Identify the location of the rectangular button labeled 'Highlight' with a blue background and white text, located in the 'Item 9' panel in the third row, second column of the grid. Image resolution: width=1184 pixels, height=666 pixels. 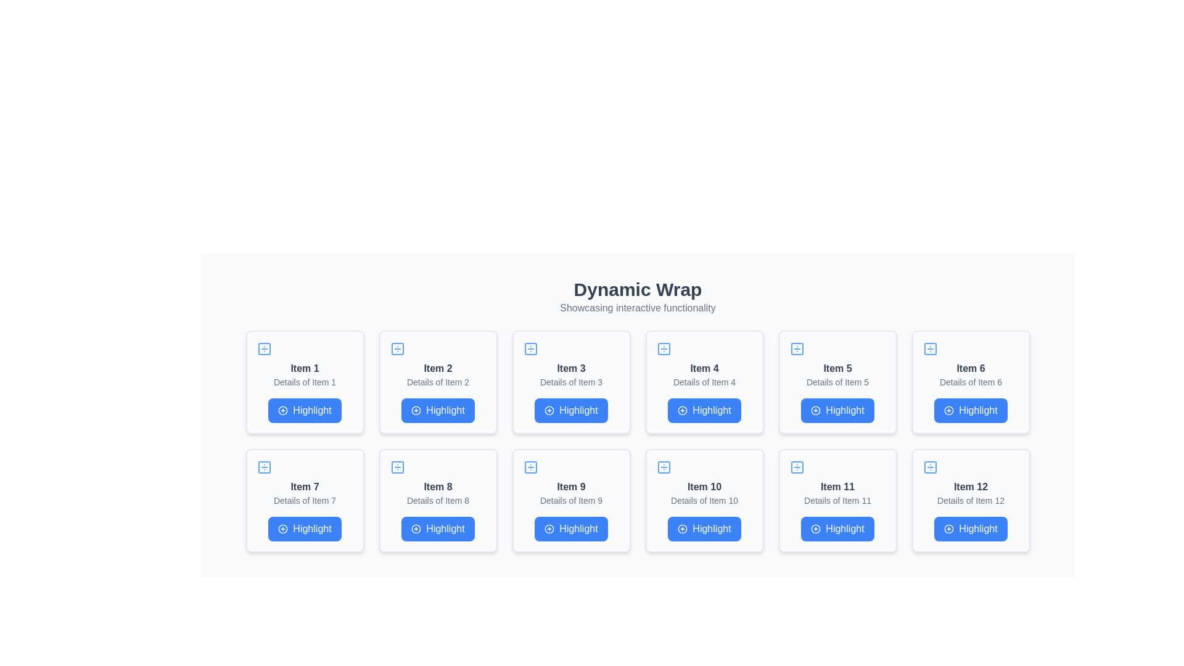
(570, 528).